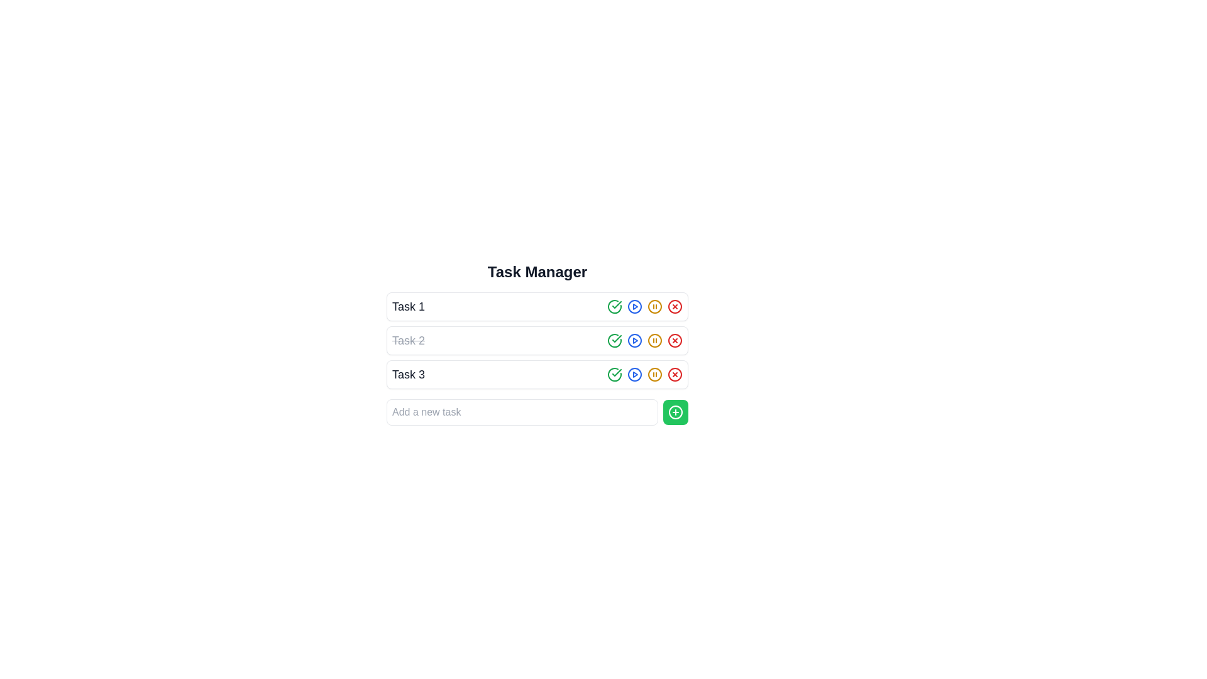  What do you see at coordinates (409, 341) in the screenshot?
I see `the text label 'Task 2' which represents a completed or inactive task in the task management box, located as the second item in the list with interactive buttons on the right side` at bounding box center [409, 341].